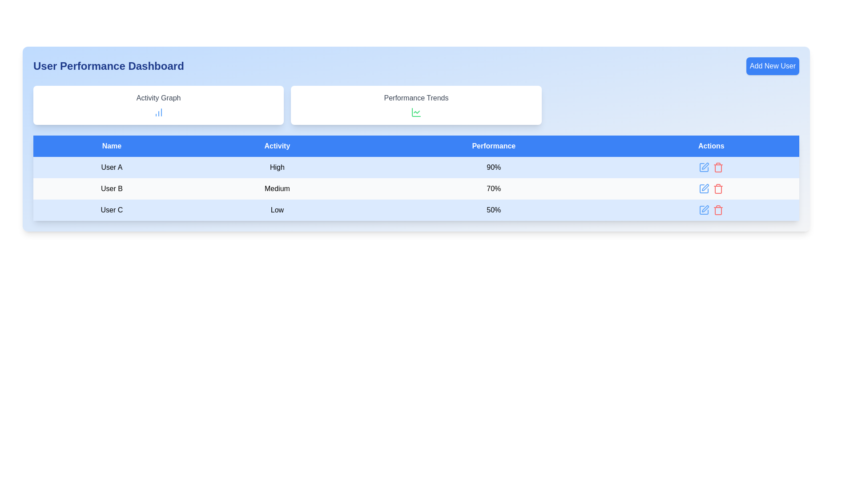 The width and height of the screenshot is (854, 480). I want to click on the edit button icon in the Actions column associated with User A, so click(704, 168).